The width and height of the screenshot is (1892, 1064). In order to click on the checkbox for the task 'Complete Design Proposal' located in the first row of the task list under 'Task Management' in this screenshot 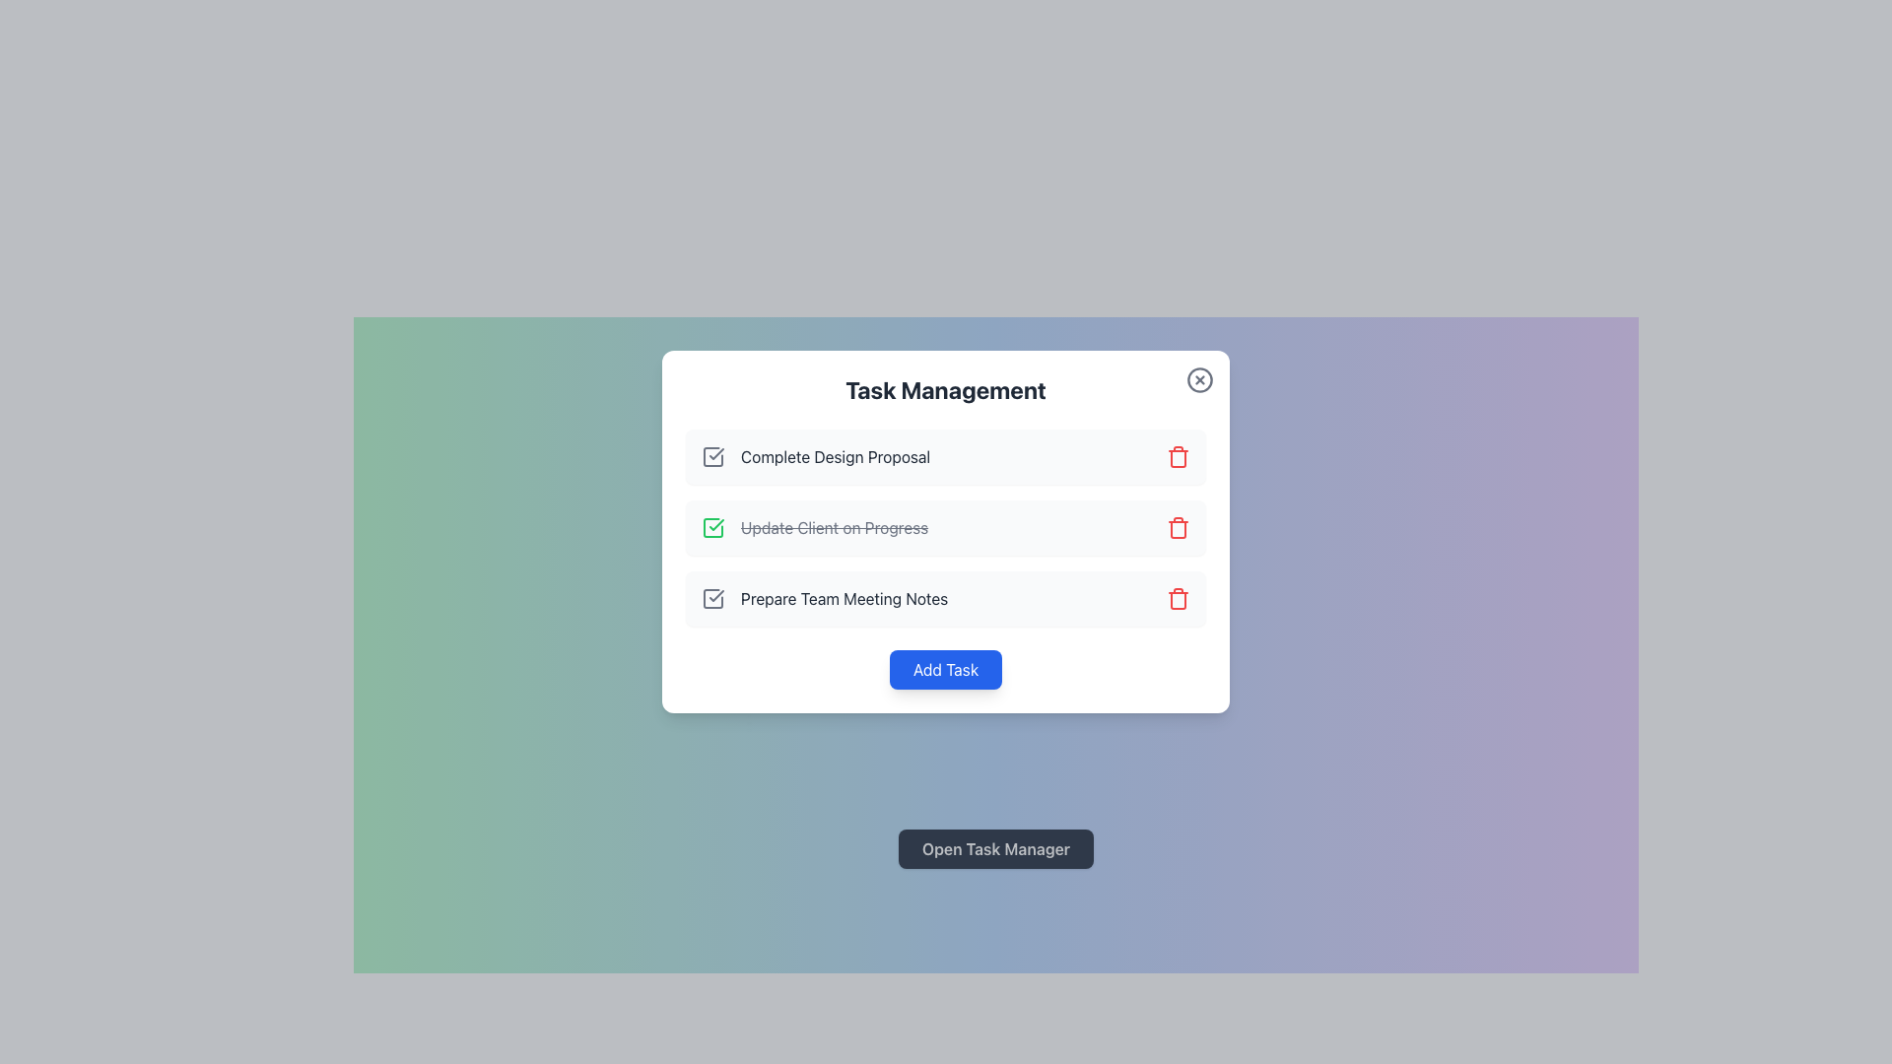, I will do `click(712, 598)`.